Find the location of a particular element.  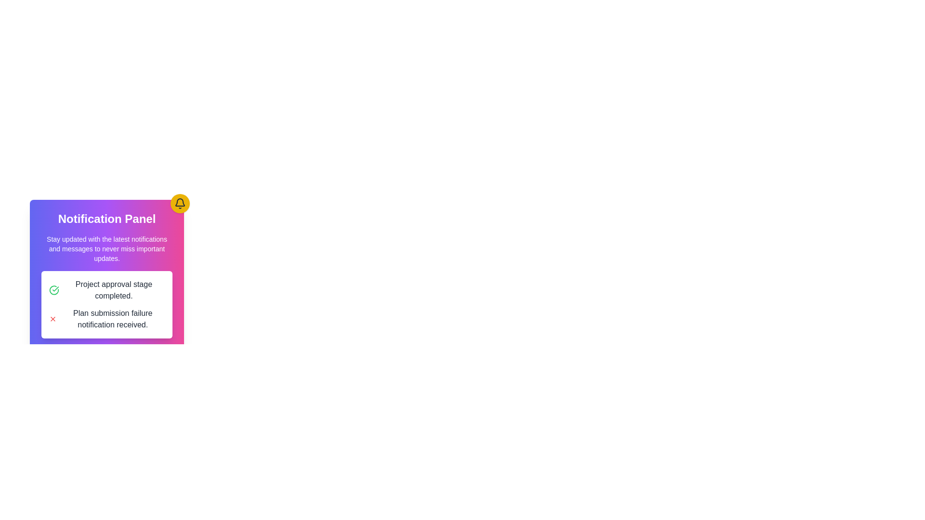

the approval indicator icon located to the left of the text 'Project approval stage completed.' in the notification panel is located at coordinates (53, 289).